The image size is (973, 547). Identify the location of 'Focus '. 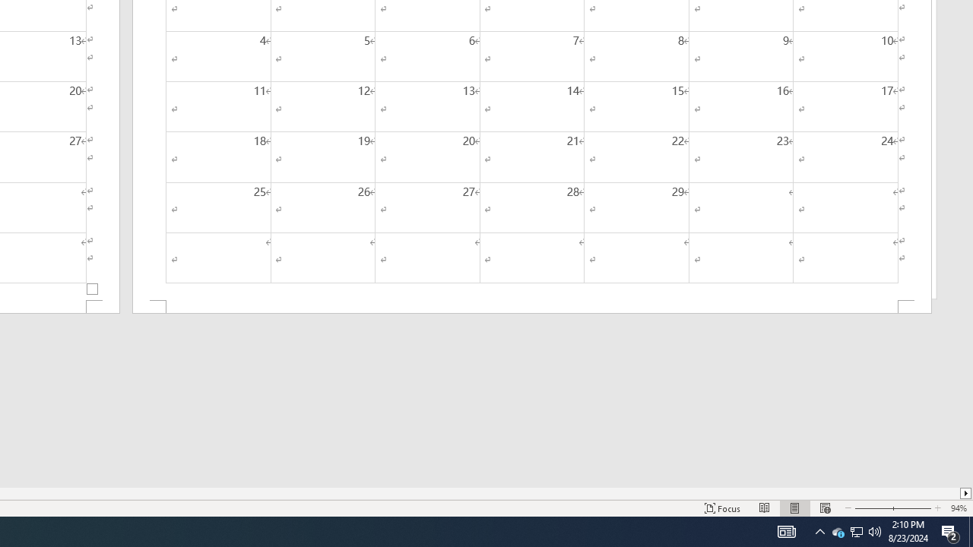
(722, 508).